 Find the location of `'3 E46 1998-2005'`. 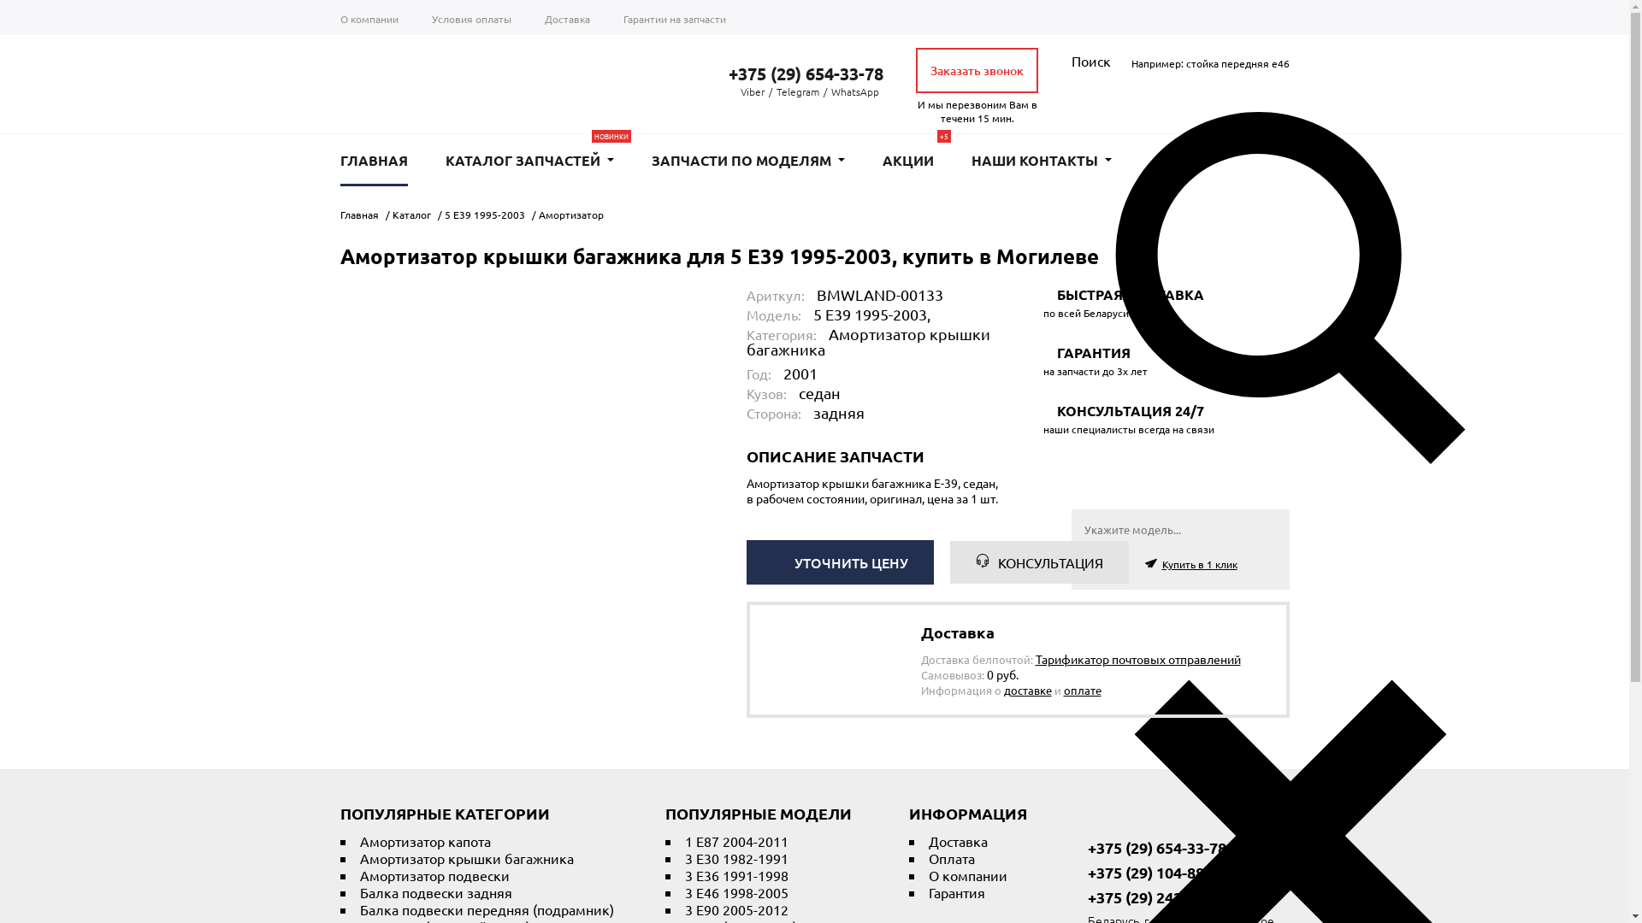

'3 E46 1998-2005' is located at coordinates (735, 891).